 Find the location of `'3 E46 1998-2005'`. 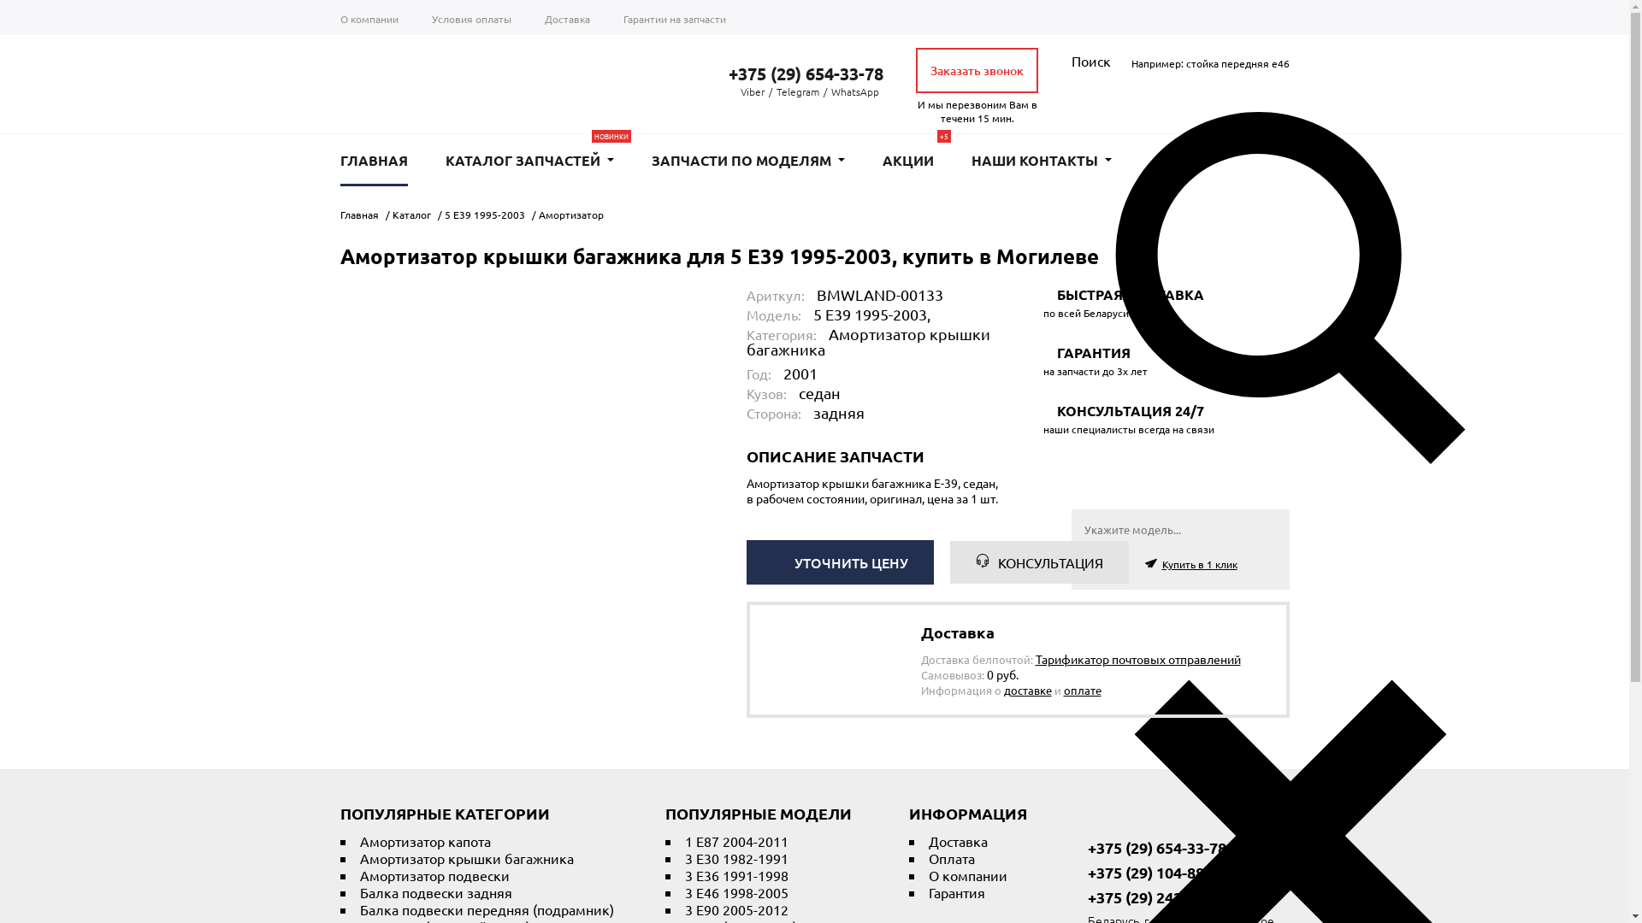

'3 E46 1998-2005' is located at coordinates (735, 891).